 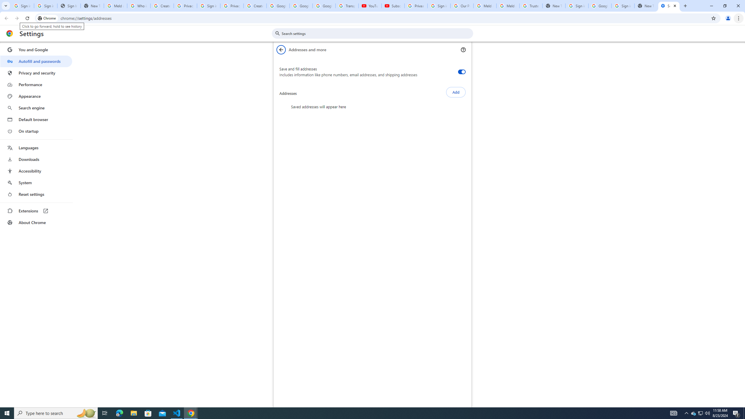 What do you see at coordinates (36, 61) in the screenshot?
I see `'Autofill and passwords'` at bounding box center [36, 61].